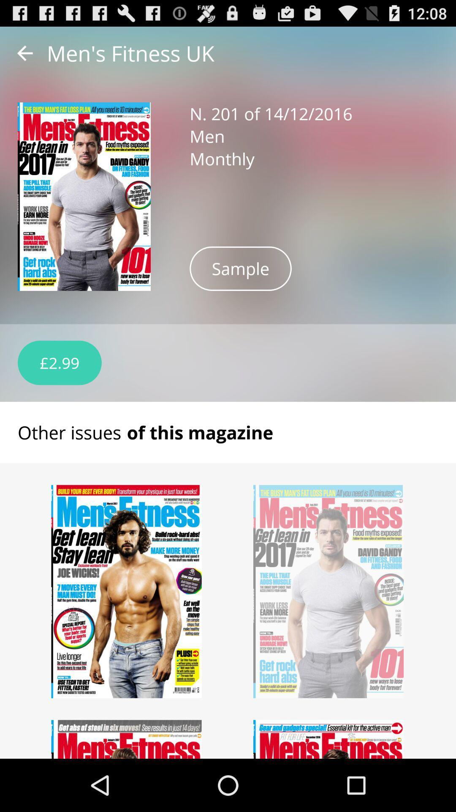 The height and width of the screenshot is (812, 456). I want to click on select magazine, so click(127, 591).